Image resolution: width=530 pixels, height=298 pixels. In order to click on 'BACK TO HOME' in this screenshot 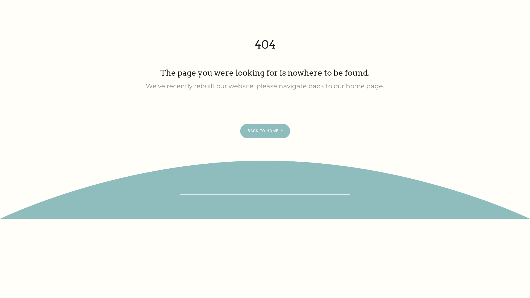, I will do `click(265, 131)`.